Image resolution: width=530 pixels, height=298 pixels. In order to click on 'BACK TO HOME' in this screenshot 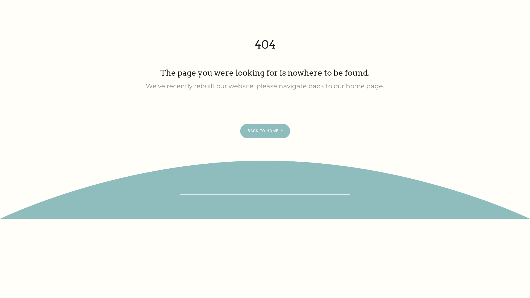, I will do `click(265, 131)`.